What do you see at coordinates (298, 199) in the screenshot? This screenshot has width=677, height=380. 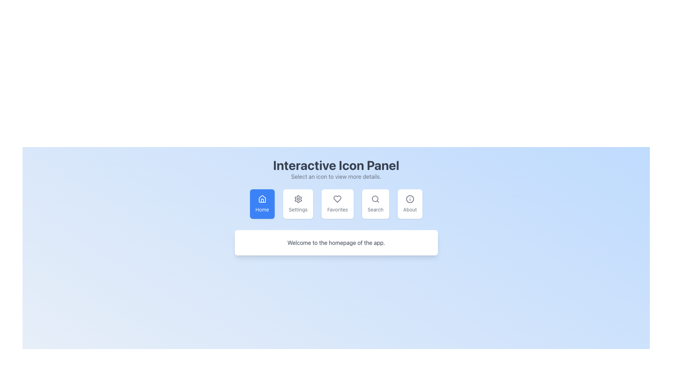 I see `the gear-shaped settings icon located at the top of the 'Settings' card` at bounding box center [298, 199].